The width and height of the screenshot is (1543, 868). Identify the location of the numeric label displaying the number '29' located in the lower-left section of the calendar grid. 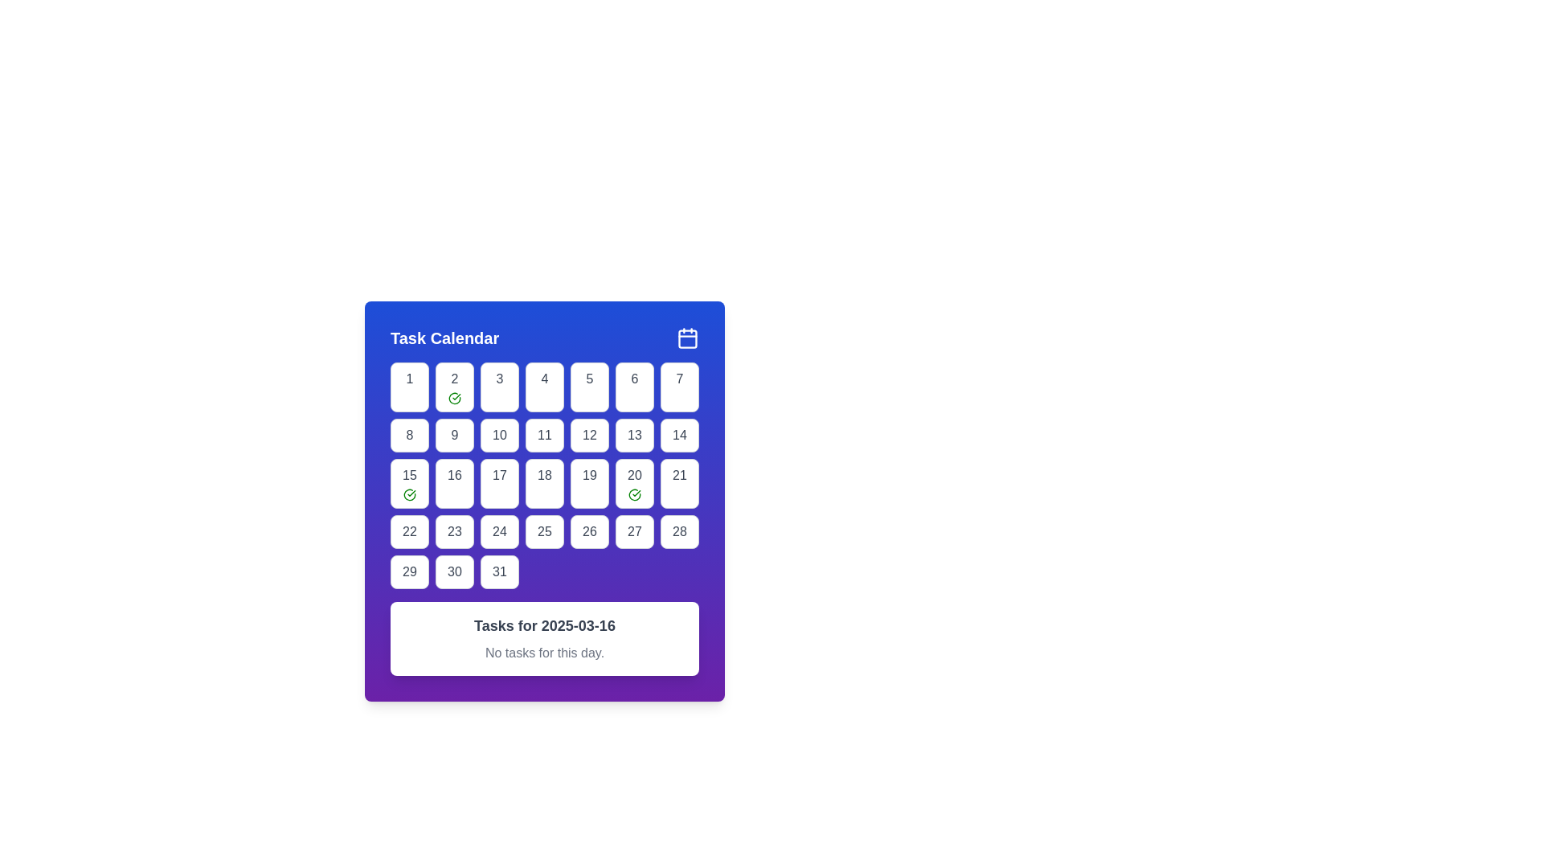
(409, 571).